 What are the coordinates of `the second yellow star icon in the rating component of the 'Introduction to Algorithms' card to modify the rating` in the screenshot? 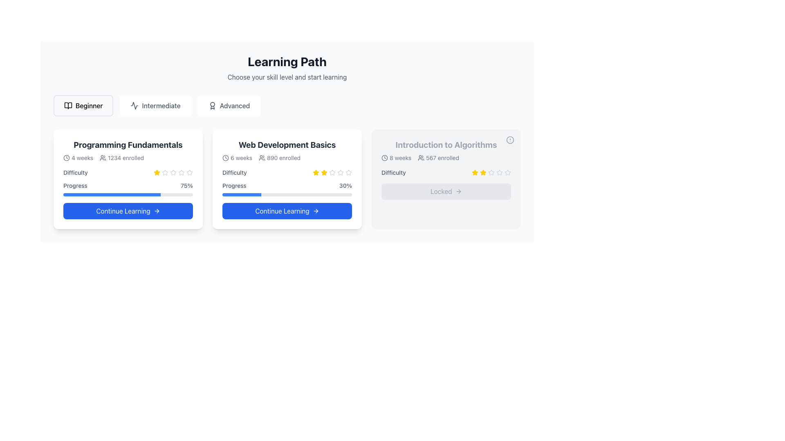 It's located at (475, 172).